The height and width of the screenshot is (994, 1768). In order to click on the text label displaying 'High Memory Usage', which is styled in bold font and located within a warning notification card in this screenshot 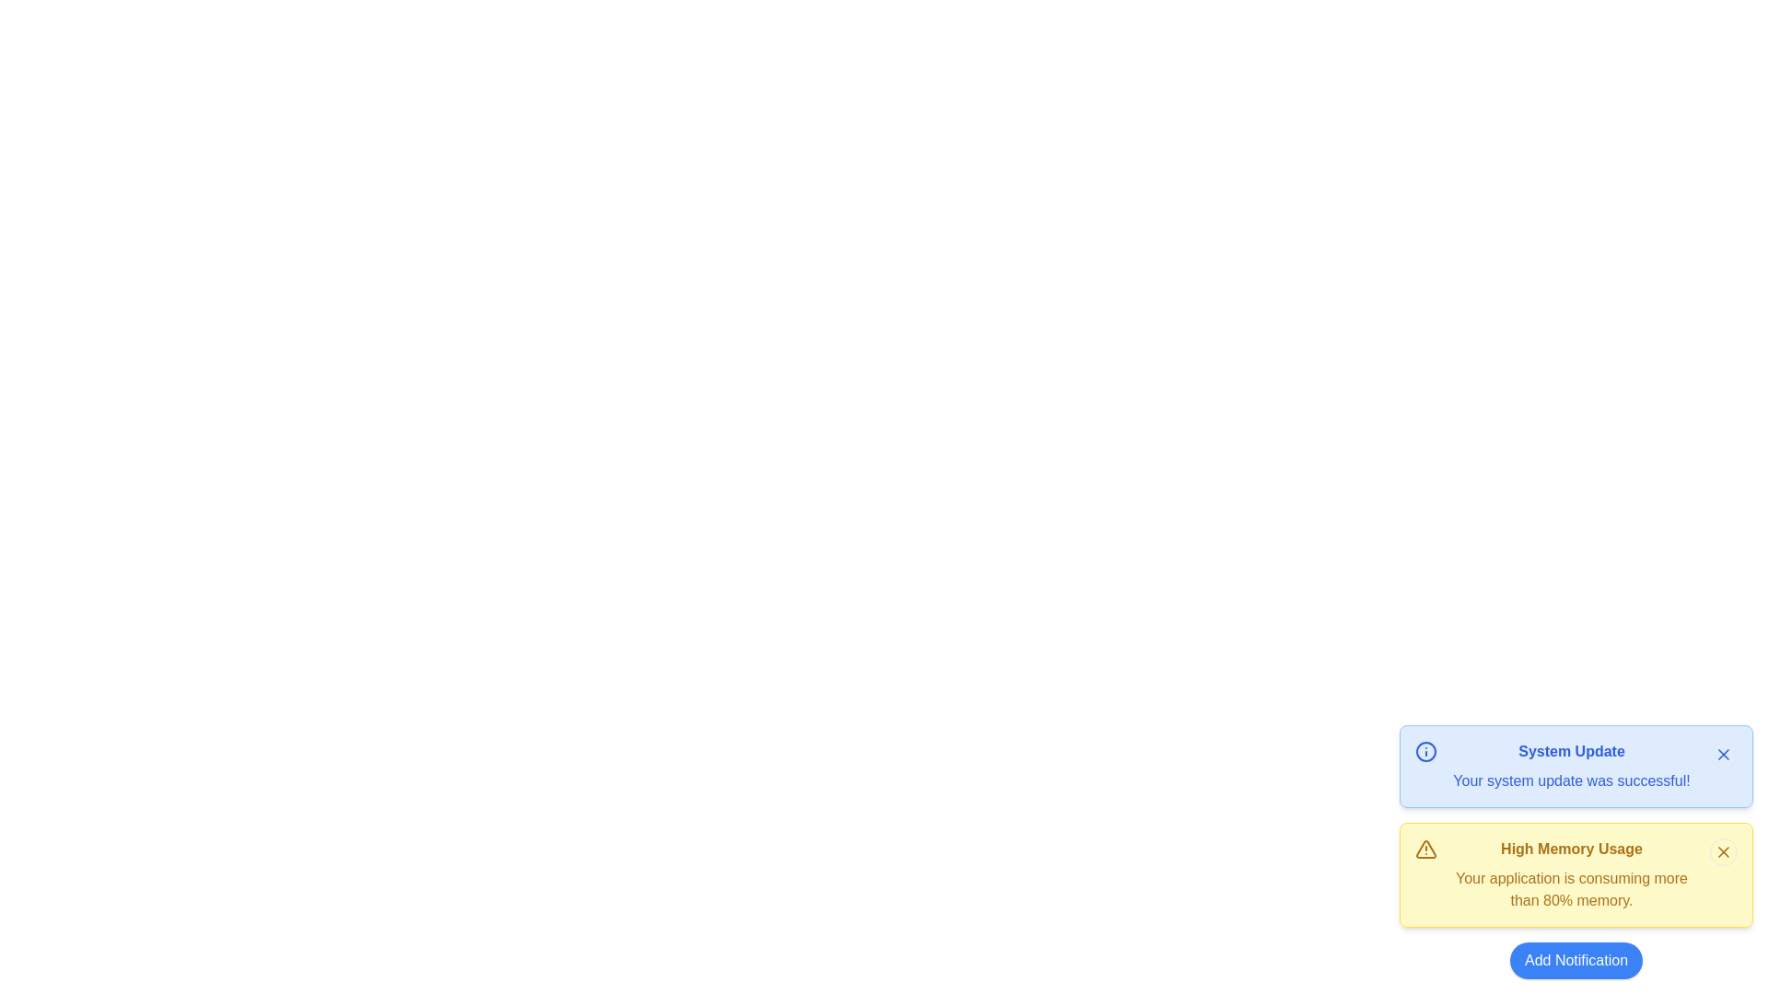, I will do `click(1571, 849)`.